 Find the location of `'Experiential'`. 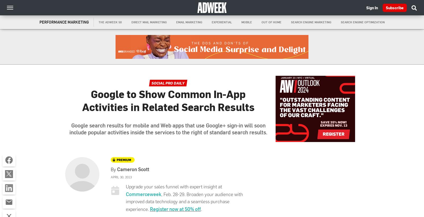

'Experiential' is located at coordinates (221, 22).